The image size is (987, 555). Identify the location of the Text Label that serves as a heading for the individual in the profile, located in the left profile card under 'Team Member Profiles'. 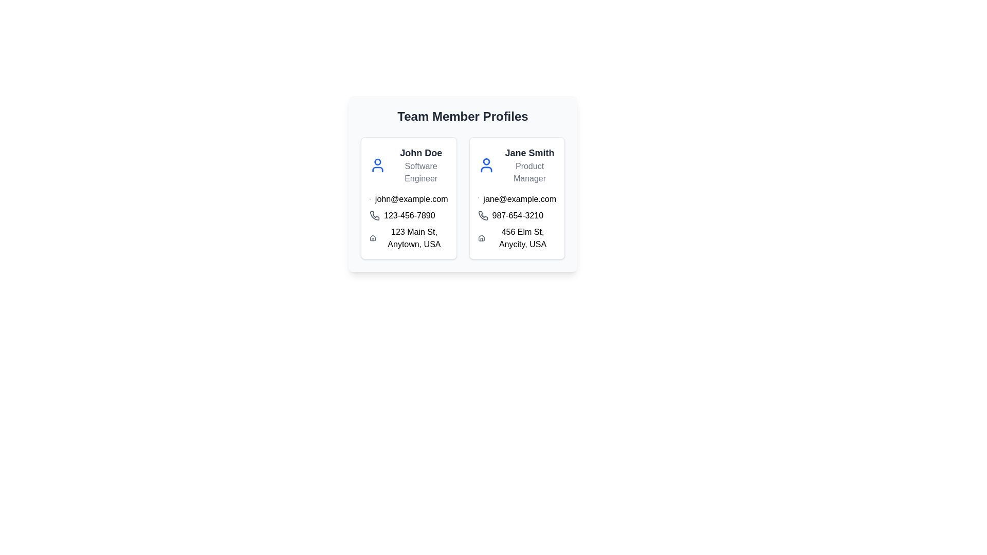
(421, 153).